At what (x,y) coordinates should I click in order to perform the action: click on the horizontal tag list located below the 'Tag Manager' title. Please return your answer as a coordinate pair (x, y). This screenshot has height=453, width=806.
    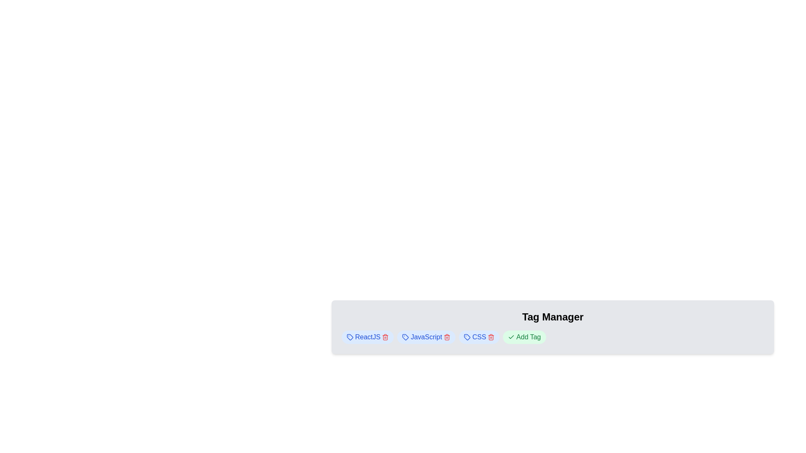
    Looking at the image, I should click on (552, 336).